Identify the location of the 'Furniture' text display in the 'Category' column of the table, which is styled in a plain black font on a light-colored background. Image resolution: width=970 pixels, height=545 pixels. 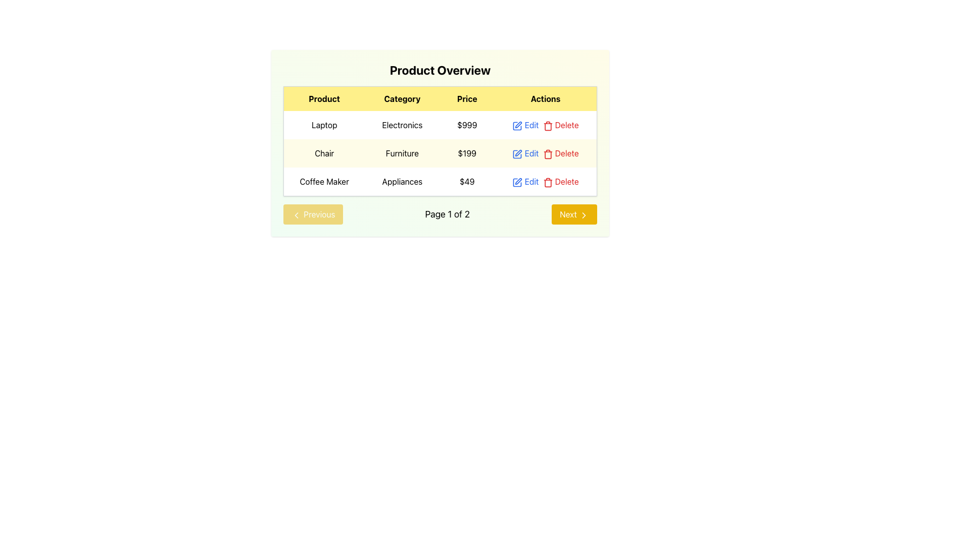
(402, 153).